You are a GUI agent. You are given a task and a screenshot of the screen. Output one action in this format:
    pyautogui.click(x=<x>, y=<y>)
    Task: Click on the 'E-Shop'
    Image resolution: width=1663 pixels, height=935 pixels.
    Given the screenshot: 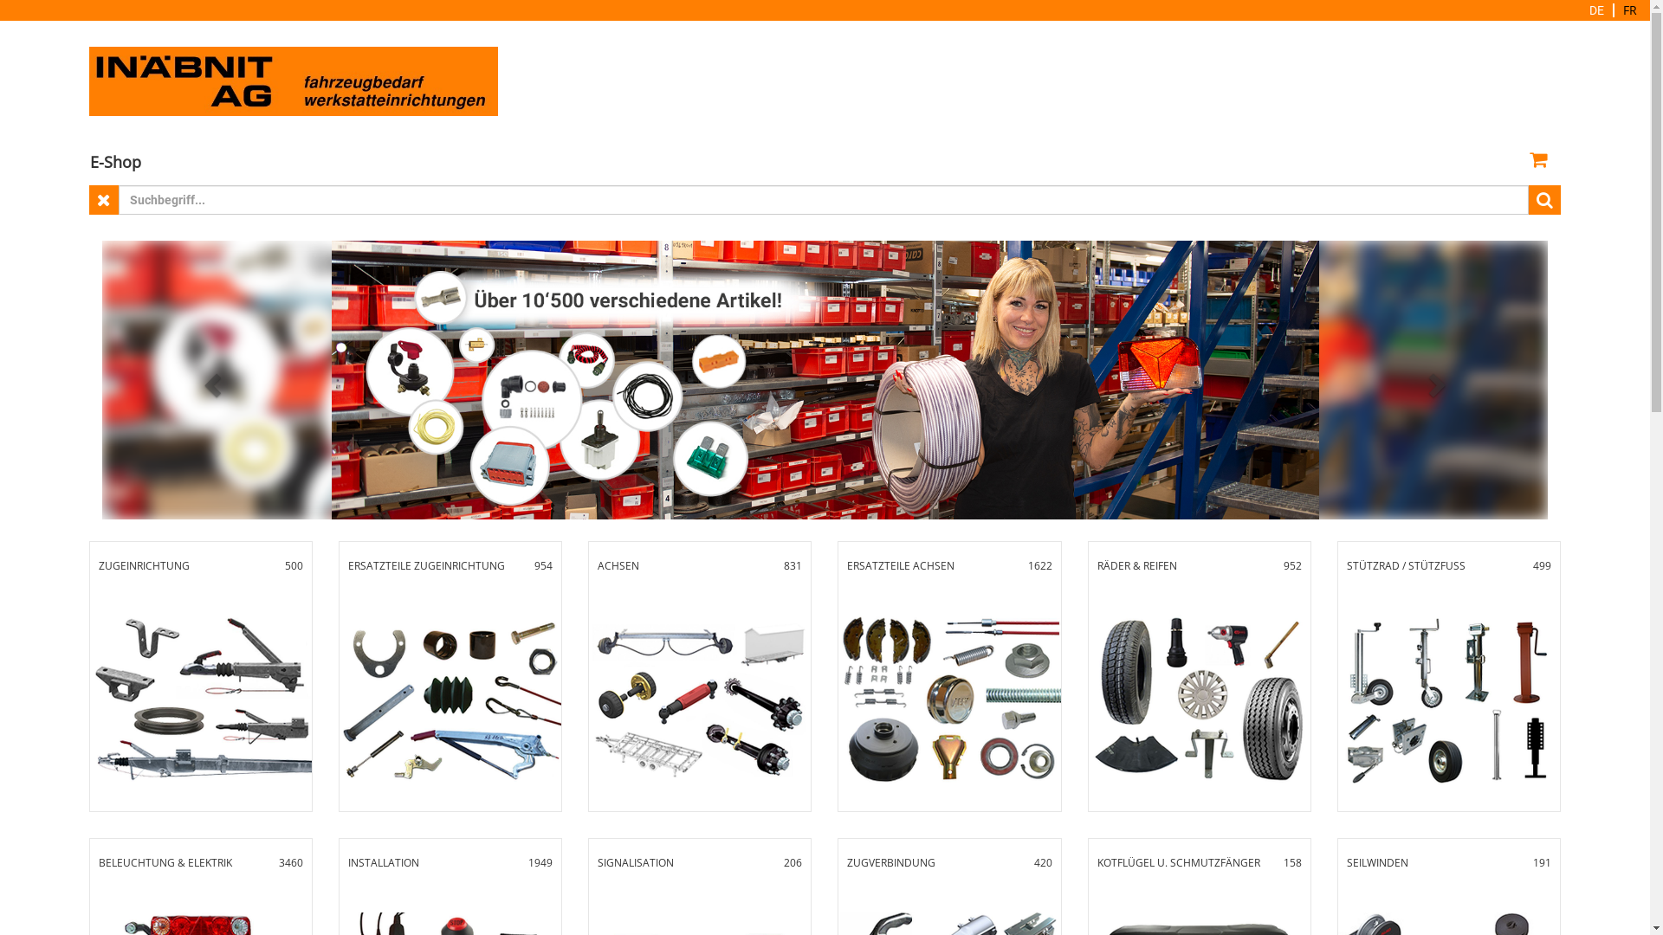 What is the action you would take?
    pyautogui.click(x=114, y=161)
    